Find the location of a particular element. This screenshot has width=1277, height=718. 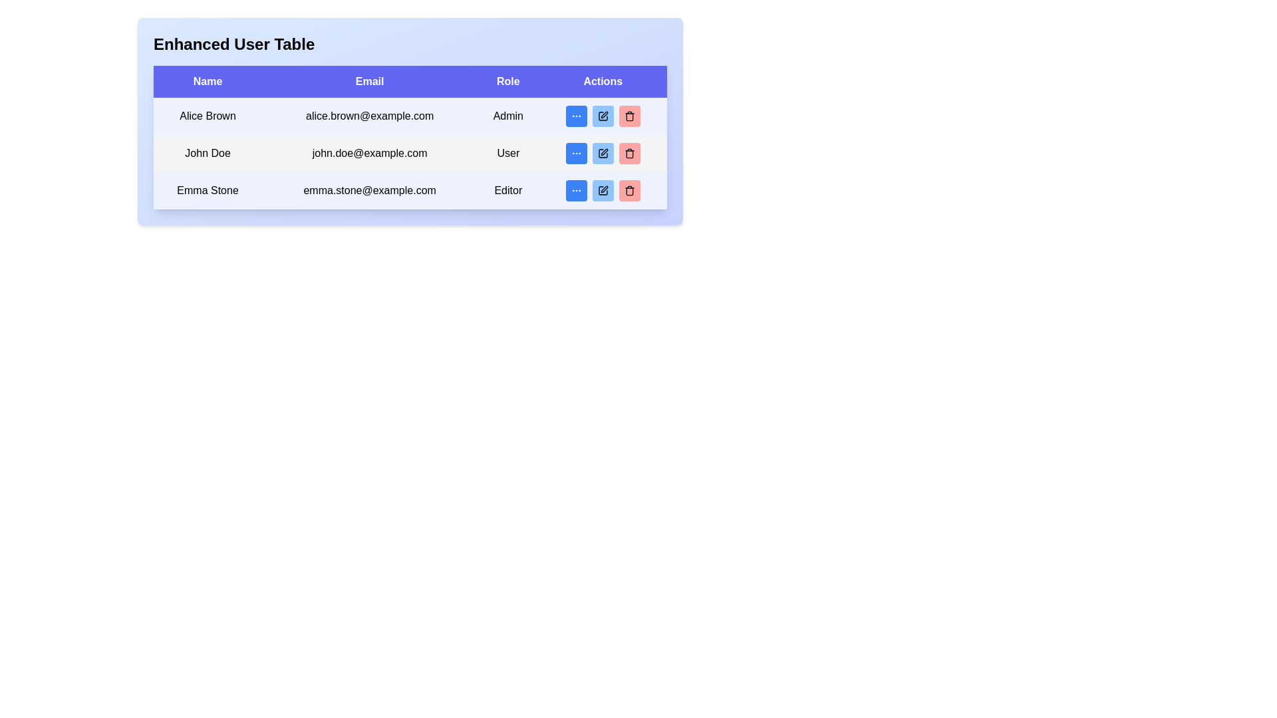

the static text label displaying the role designation ('User') for the user 'John Doe' in the third column of the second row in the table is located at coordinates (507, 153).